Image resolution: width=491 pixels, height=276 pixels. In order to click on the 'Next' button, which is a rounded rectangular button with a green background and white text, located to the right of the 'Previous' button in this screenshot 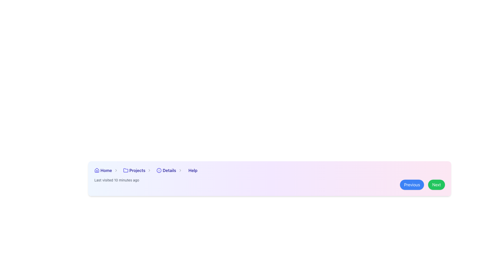, I will do `click(436, 185)`.